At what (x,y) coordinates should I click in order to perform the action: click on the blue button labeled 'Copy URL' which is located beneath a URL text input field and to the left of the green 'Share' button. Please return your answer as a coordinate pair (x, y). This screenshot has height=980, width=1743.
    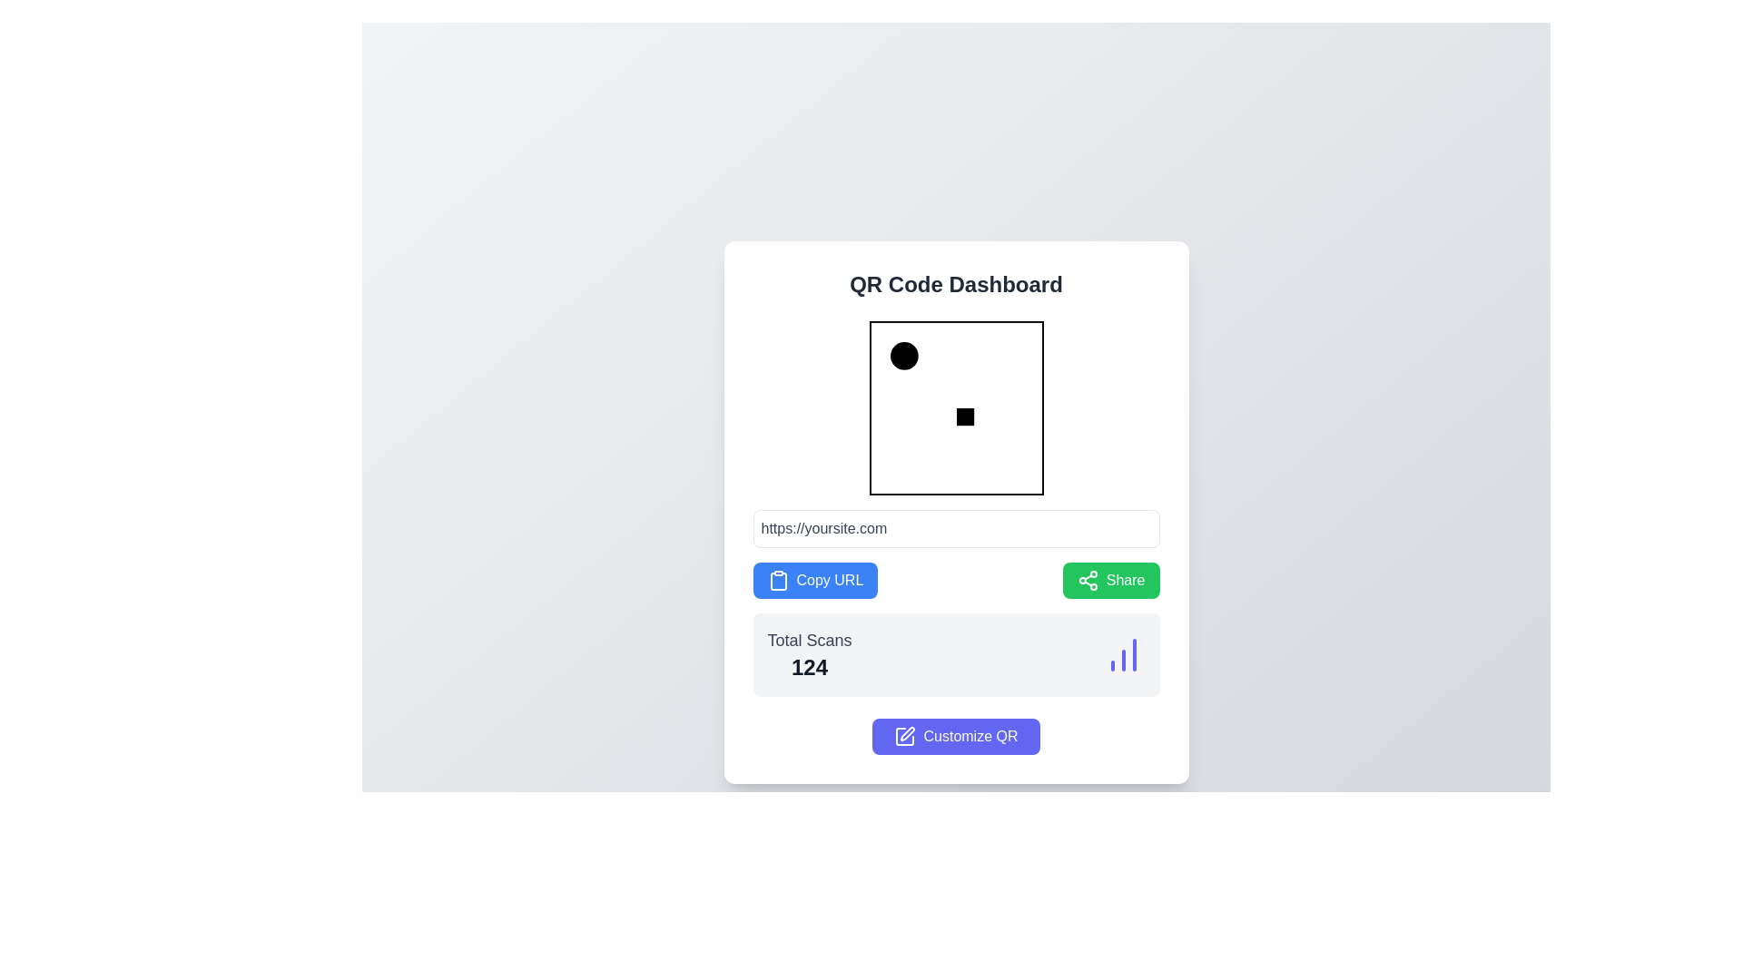
    Looking at the image, I should click on (814, 581).